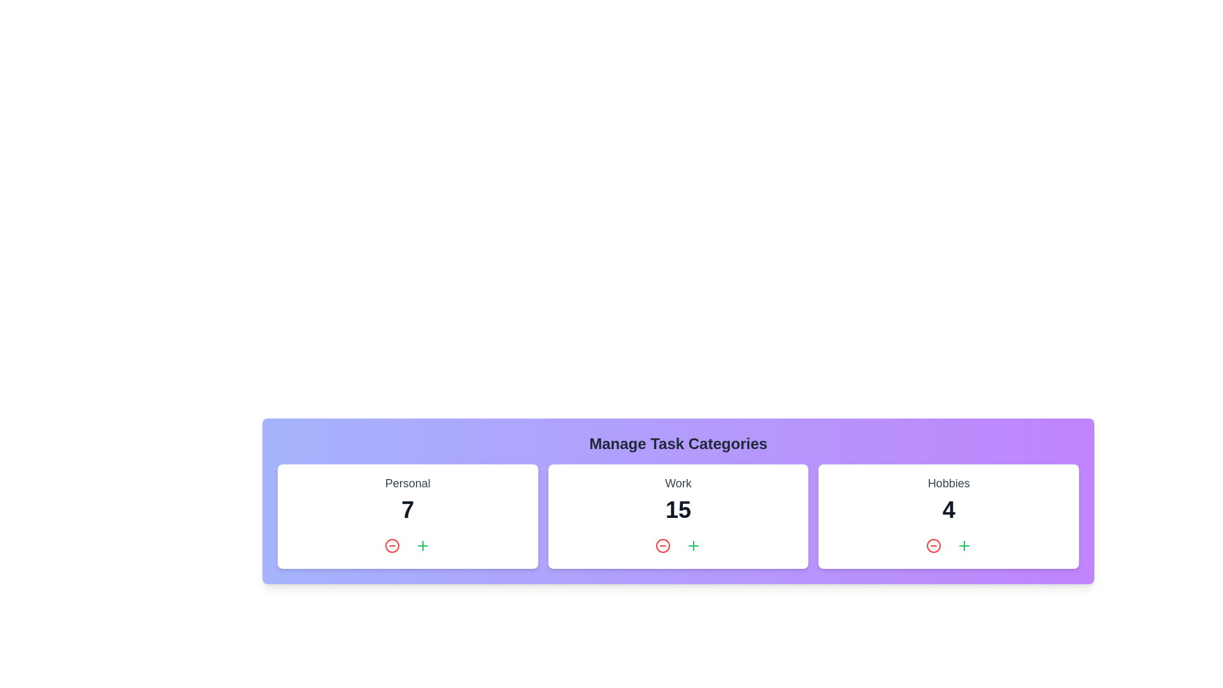 The width and height of the screenshot is (1223, 688). What do you see at coordinates (392, 545) in the screenshot?
I see `'Minus' button in the 'Personal' category to decrease its task count` at bounding box center [392, 545].